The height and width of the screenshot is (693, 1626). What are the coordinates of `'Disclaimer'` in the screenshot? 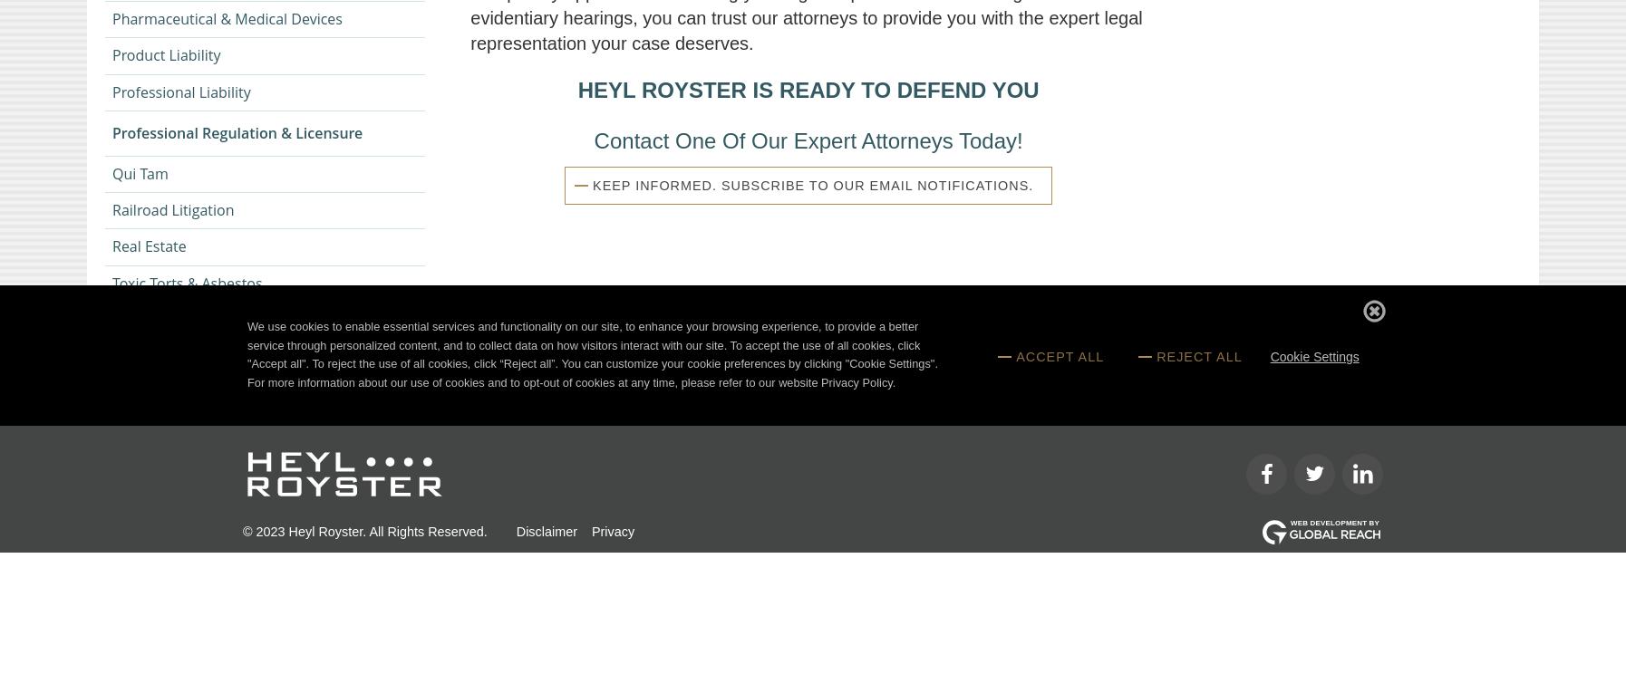 It's located at (546, 531).